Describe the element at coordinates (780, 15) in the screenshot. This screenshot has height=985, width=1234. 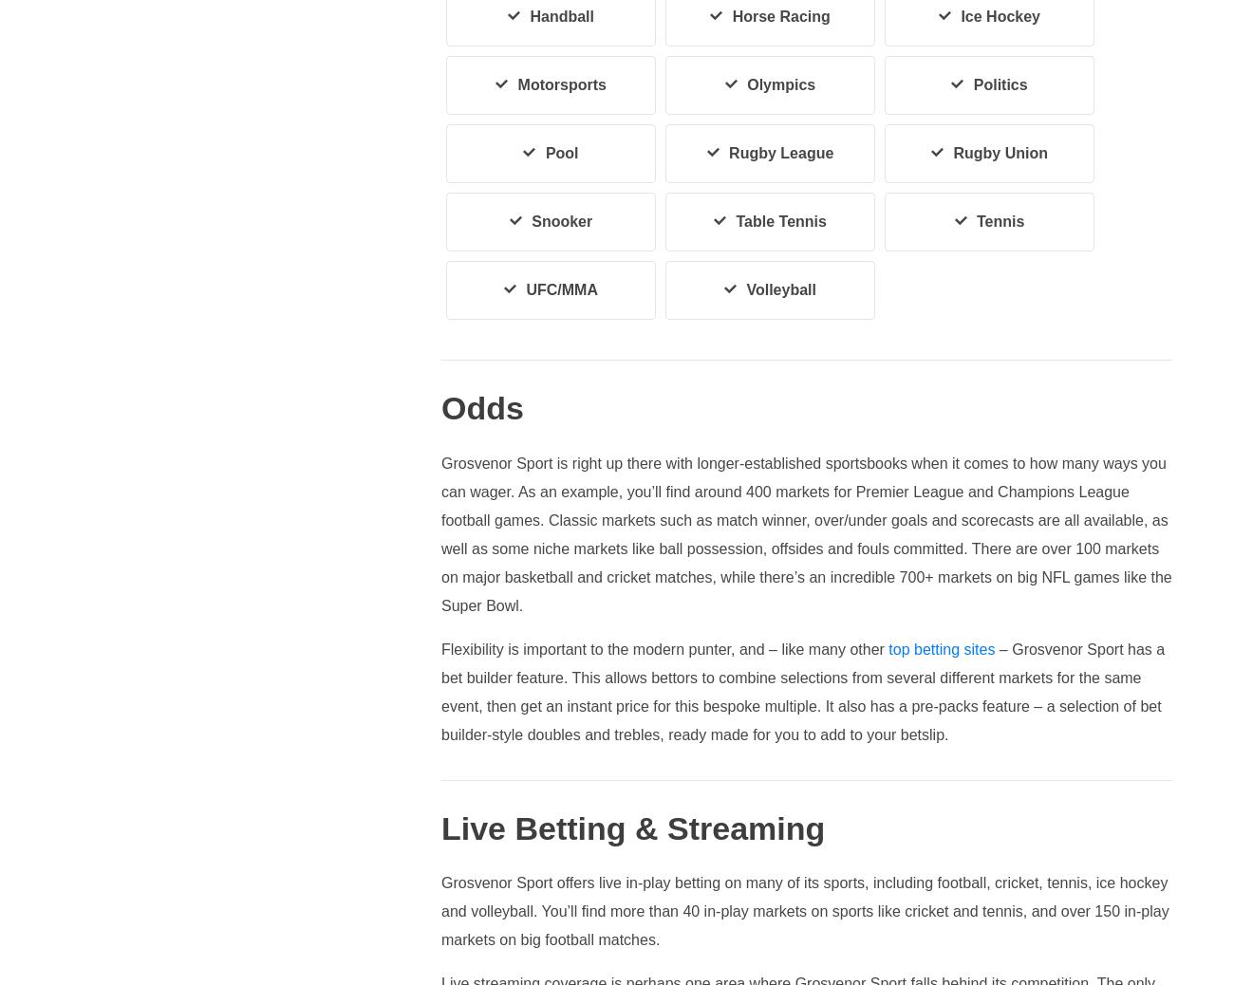
I see `'Horse Racing'` at that location.